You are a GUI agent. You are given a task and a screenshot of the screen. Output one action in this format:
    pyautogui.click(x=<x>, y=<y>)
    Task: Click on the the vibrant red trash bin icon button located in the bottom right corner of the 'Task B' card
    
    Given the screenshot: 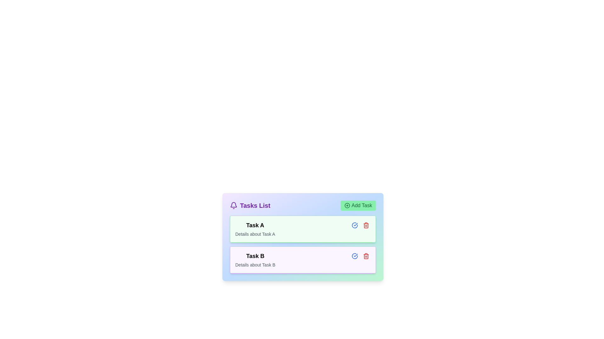 What is the action you would take?
    pyautogui.click(x=366, y=256)
    